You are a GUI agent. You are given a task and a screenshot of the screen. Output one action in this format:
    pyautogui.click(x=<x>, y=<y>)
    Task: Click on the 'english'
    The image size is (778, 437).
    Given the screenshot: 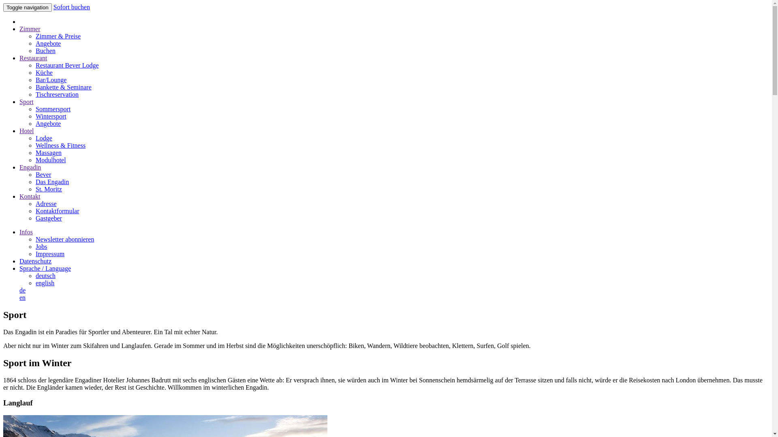 What is the action you would take?
    pyautogui.click(x=44, y=282)
    